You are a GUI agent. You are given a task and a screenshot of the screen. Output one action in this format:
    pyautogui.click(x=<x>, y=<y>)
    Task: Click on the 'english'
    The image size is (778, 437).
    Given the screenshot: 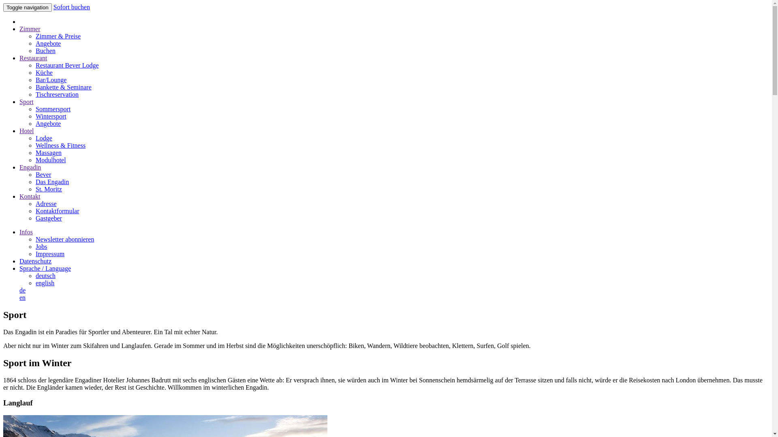 What is the action you would take?
    pyautogui.click(x=44, y=282)
    